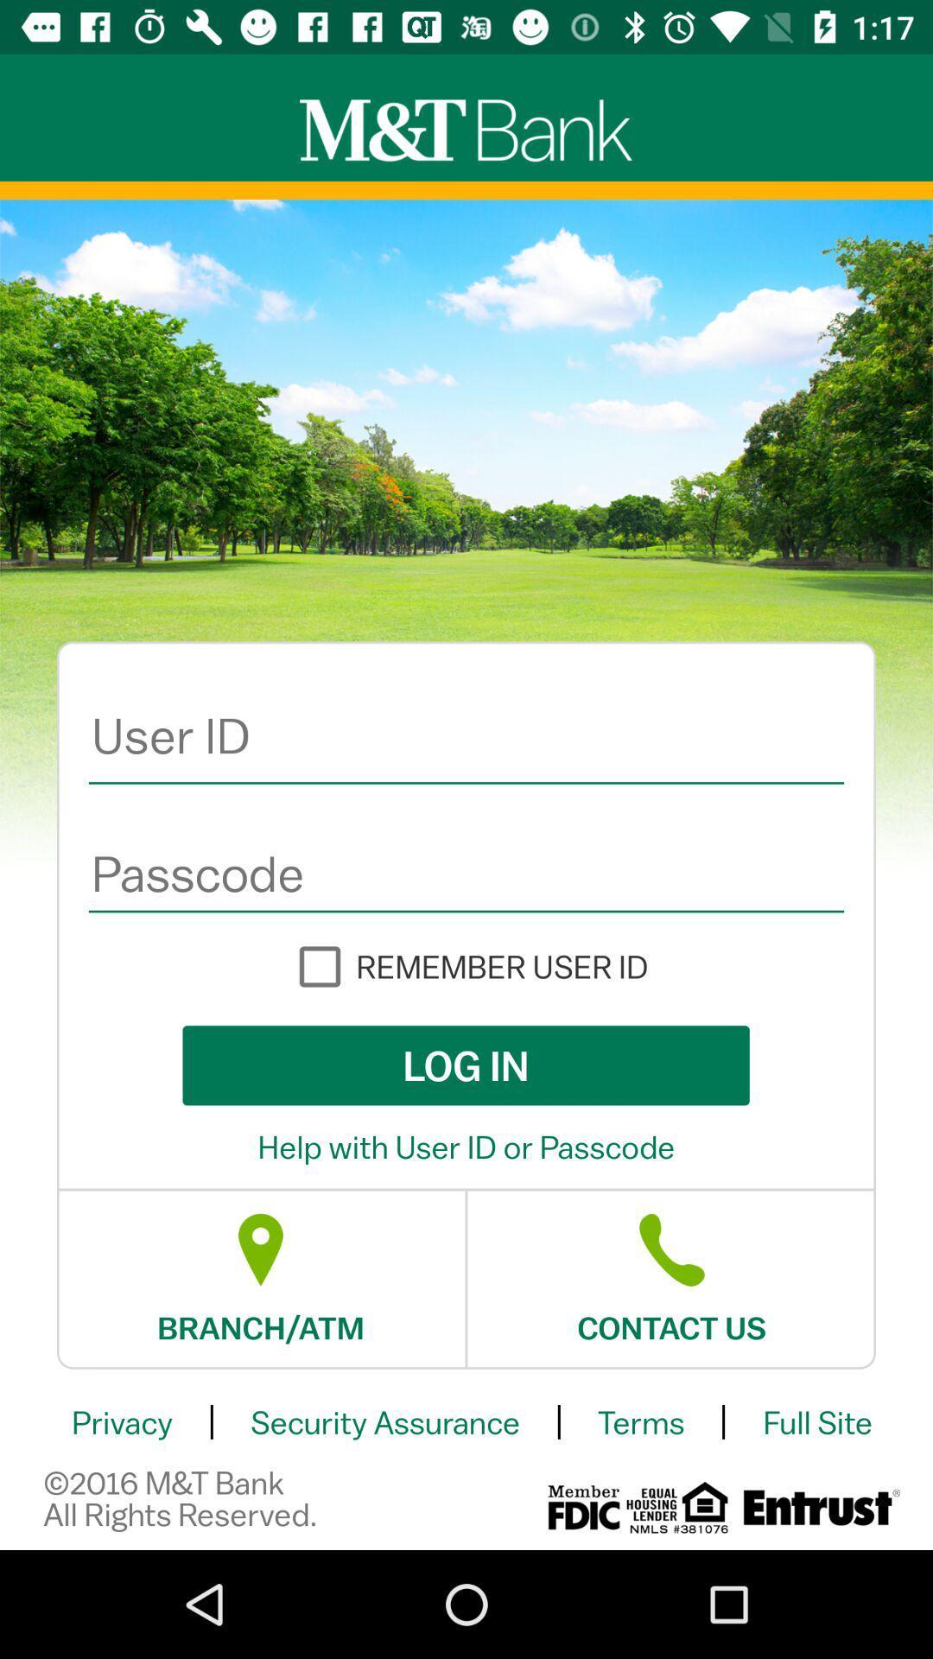 Image resolution: width=933 pixels, height=1659 pixels. Describe the element at coordinates (466, 1147) in the screenshot. I see `help with user` at that location.